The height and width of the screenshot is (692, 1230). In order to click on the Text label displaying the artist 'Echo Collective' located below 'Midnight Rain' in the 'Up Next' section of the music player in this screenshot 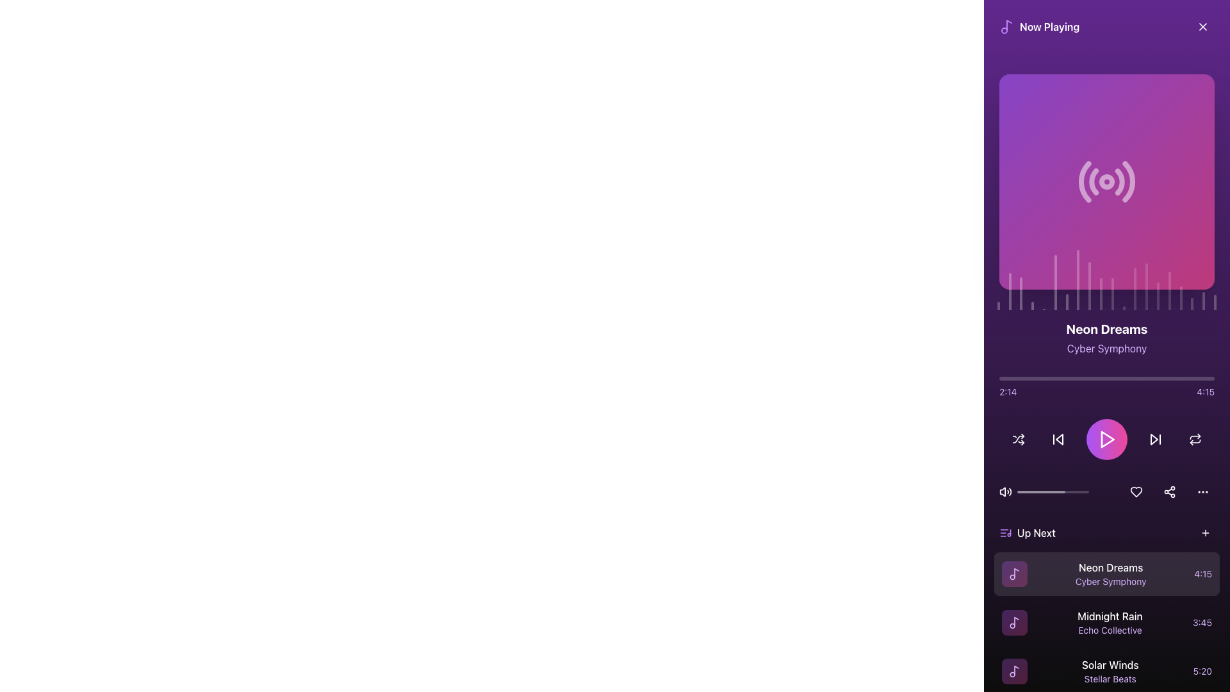, I will do `click(1109, 629)`.